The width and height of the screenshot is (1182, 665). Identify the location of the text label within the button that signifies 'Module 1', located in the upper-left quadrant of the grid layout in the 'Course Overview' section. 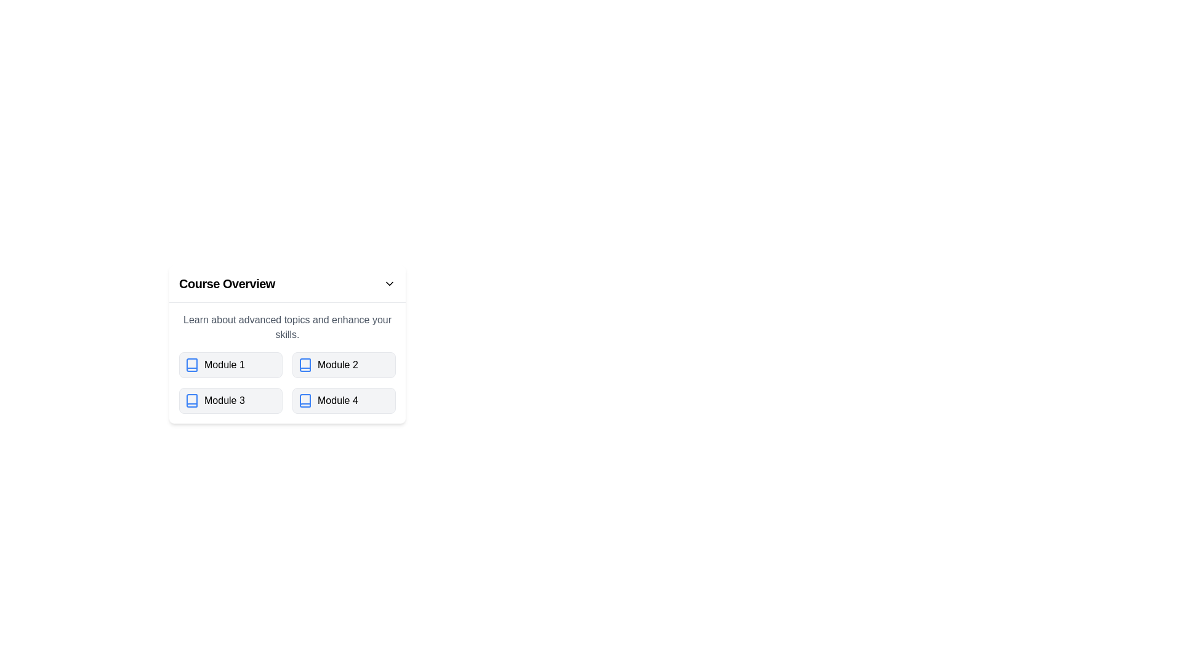
(224, 365).